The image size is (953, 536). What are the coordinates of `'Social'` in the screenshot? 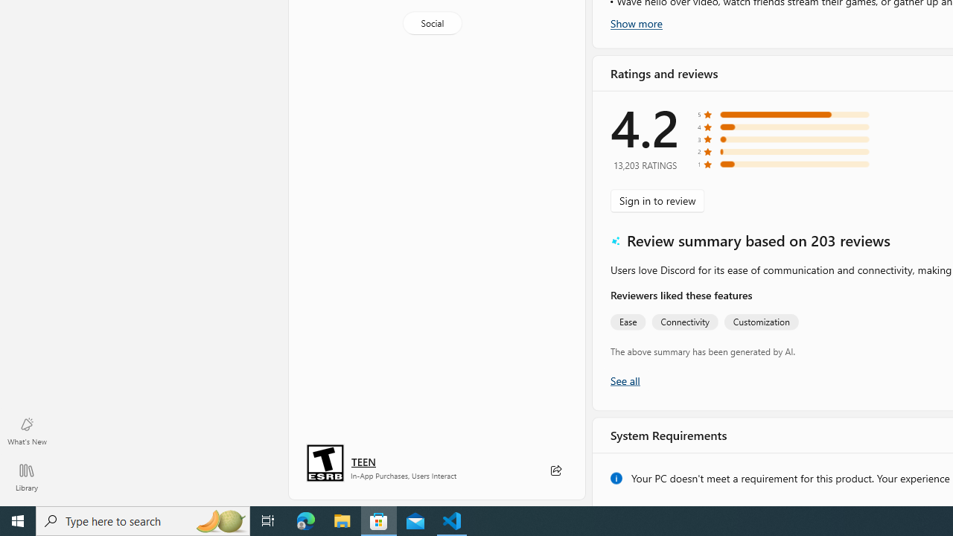 It's located at (430, 22).